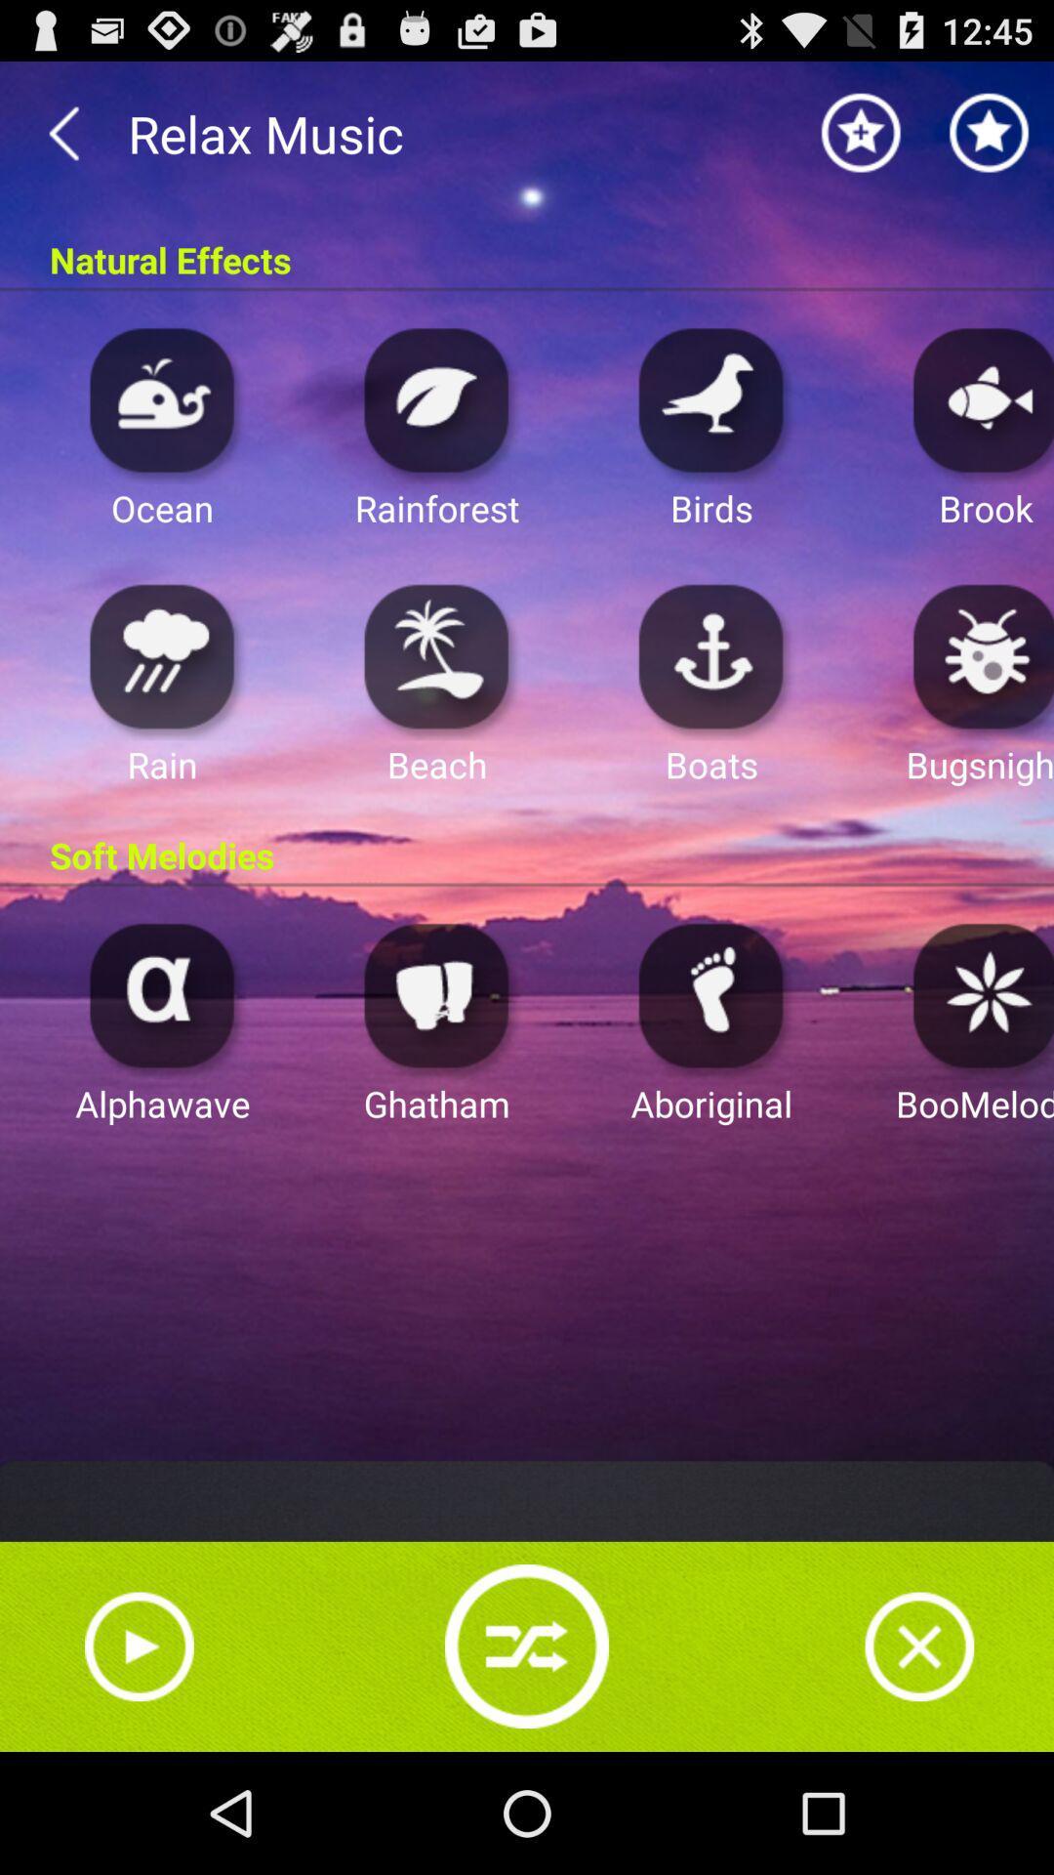 Image resolution: width=1054 pixels, height=1875 pixels. I want to click on choose rainforest effect, so click(436, 398).